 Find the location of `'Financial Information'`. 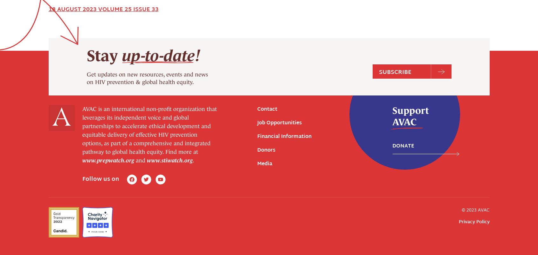

'Financial Information' is located at coordinates (284, 22).